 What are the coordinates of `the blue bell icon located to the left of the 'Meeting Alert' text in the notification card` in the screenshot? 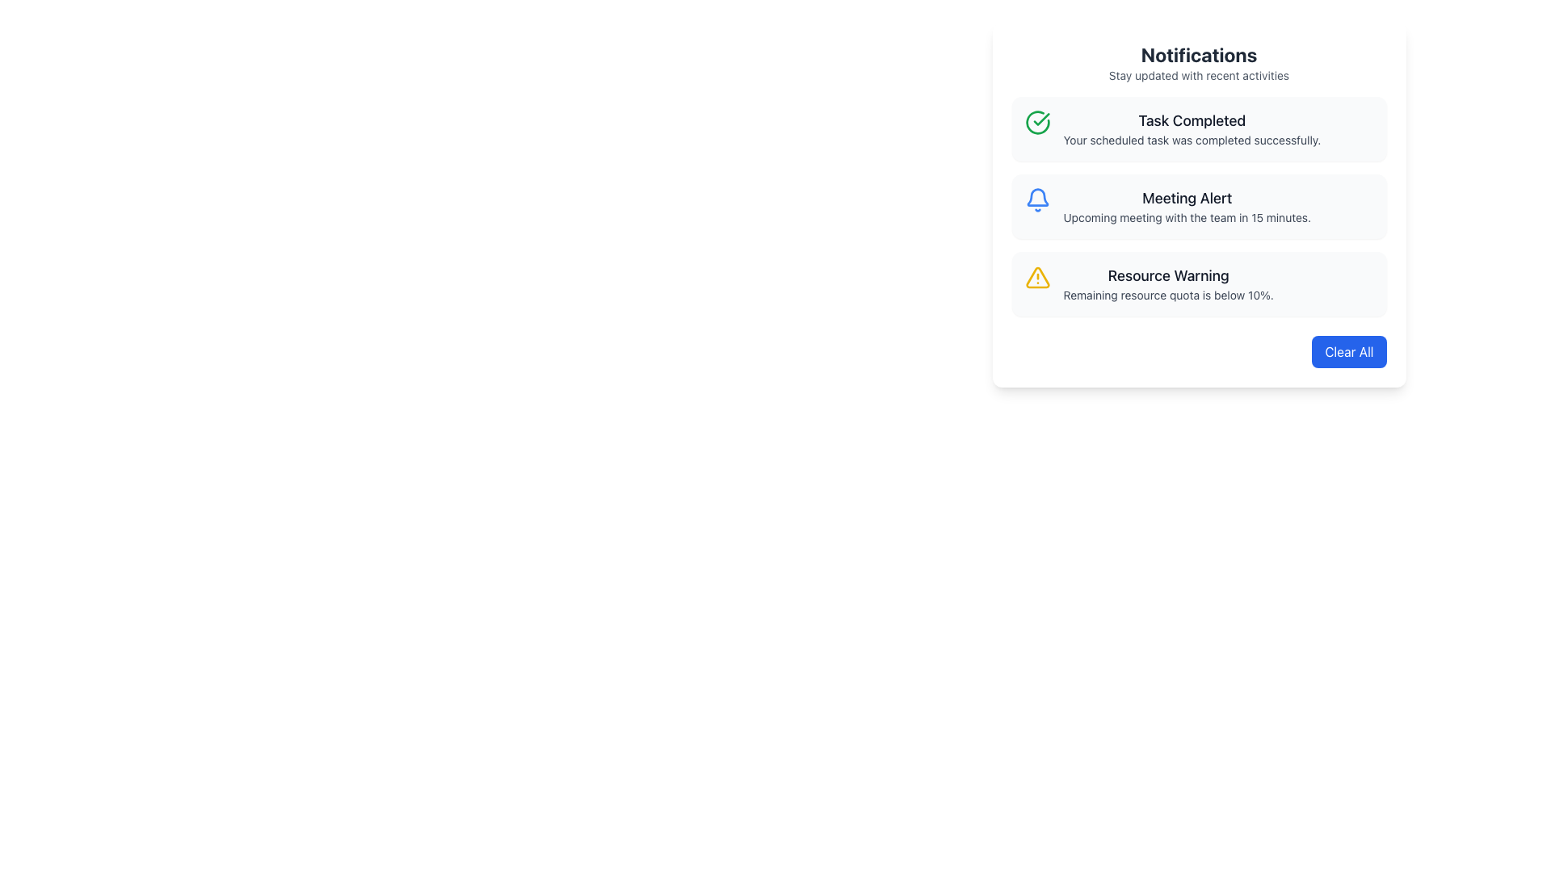 It's located at (1037, 199).